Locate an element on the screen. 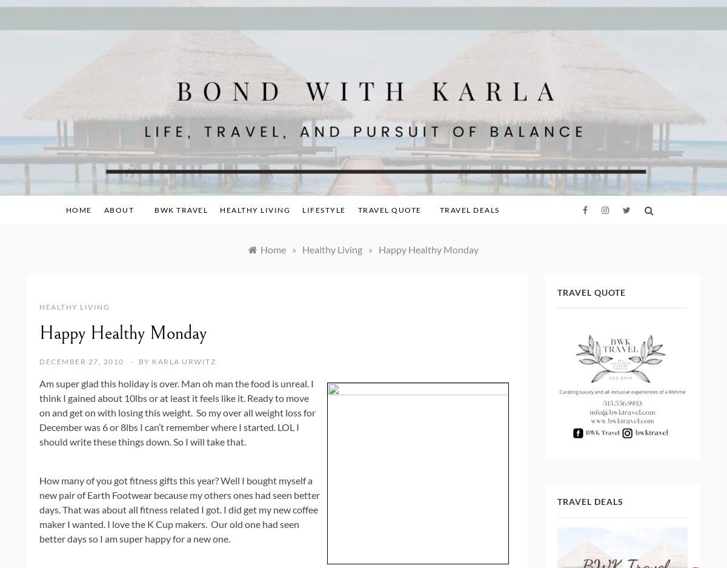  'December 27, 2010' is located at coordinates (39, 361).